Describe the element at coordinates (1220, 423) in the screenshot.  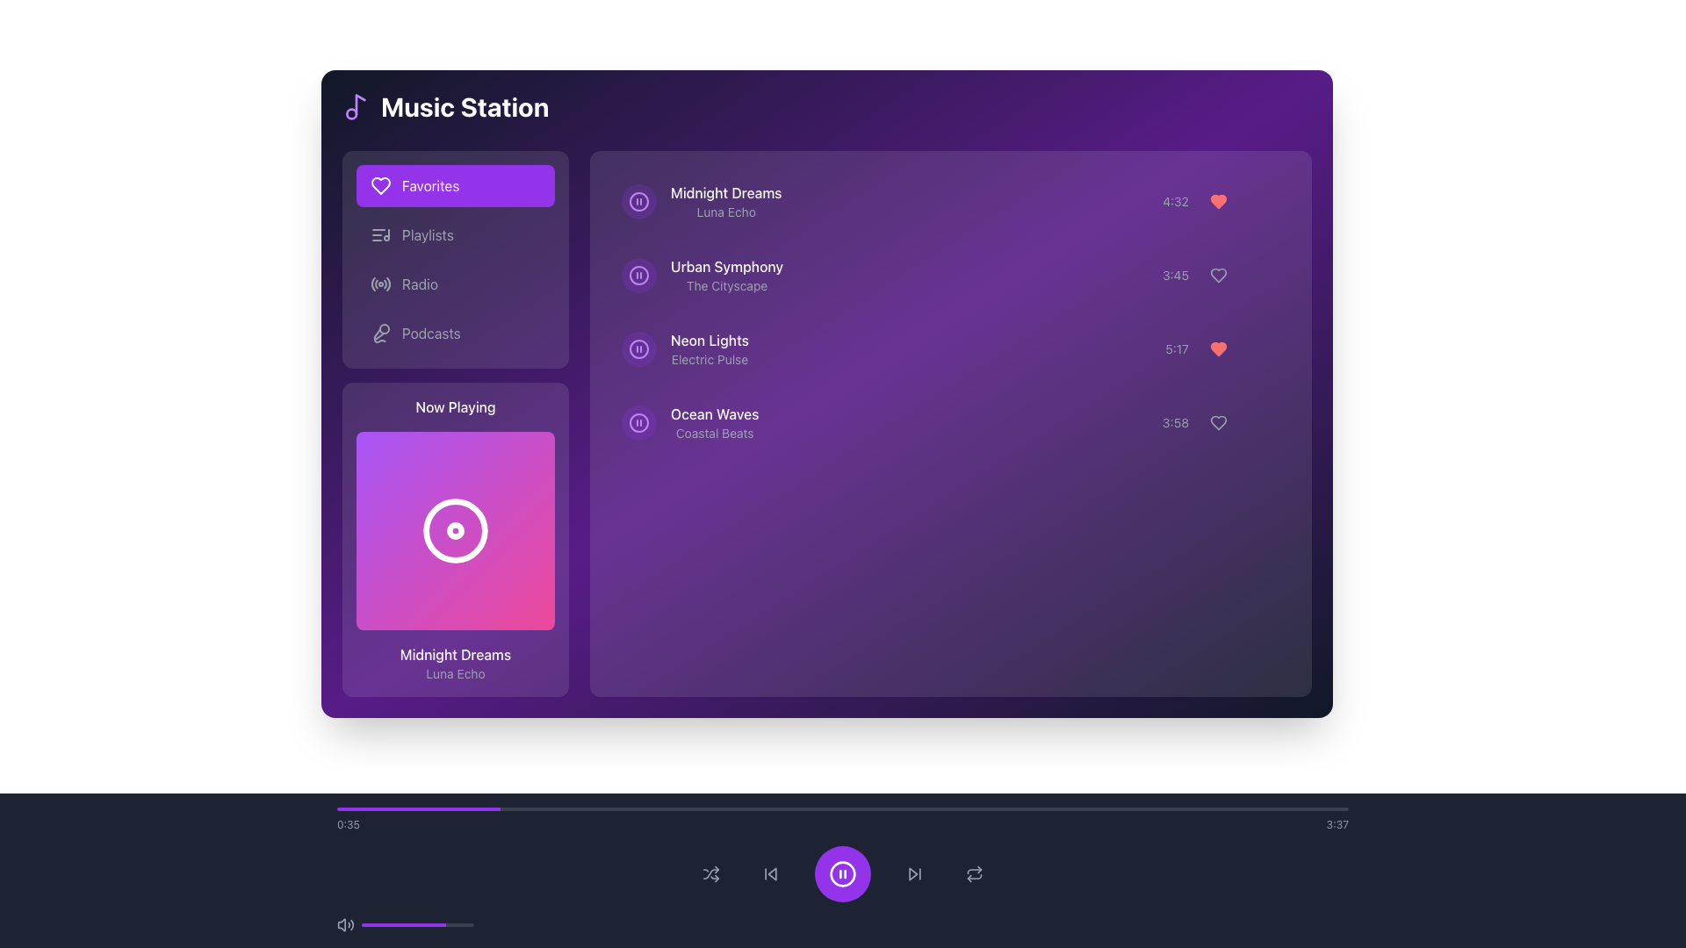
I see `the heart-shaped icon located to the right of the text '3:58' in the fourth row of the vertical list in the right panel` at that location.